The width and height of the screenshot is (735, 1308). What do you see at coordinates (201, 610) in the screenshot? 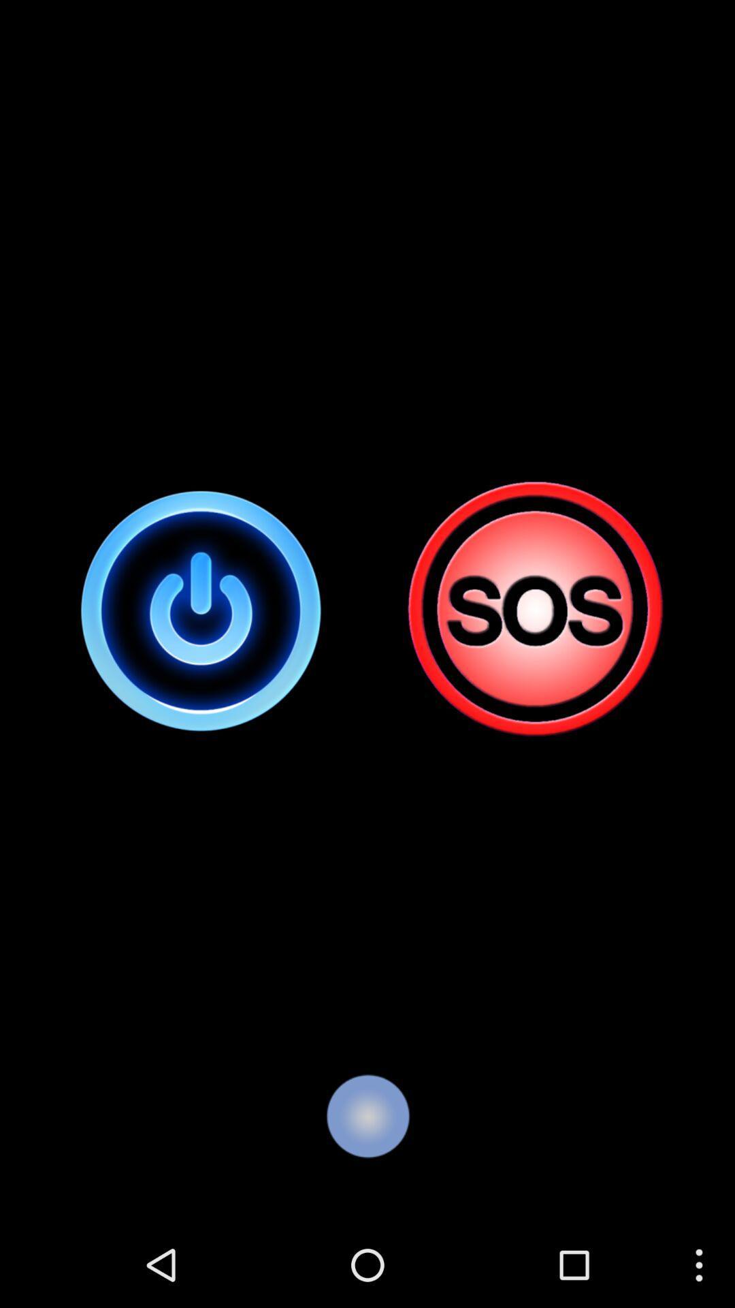
I see `the button on the left` at bounding box center [201, 610].